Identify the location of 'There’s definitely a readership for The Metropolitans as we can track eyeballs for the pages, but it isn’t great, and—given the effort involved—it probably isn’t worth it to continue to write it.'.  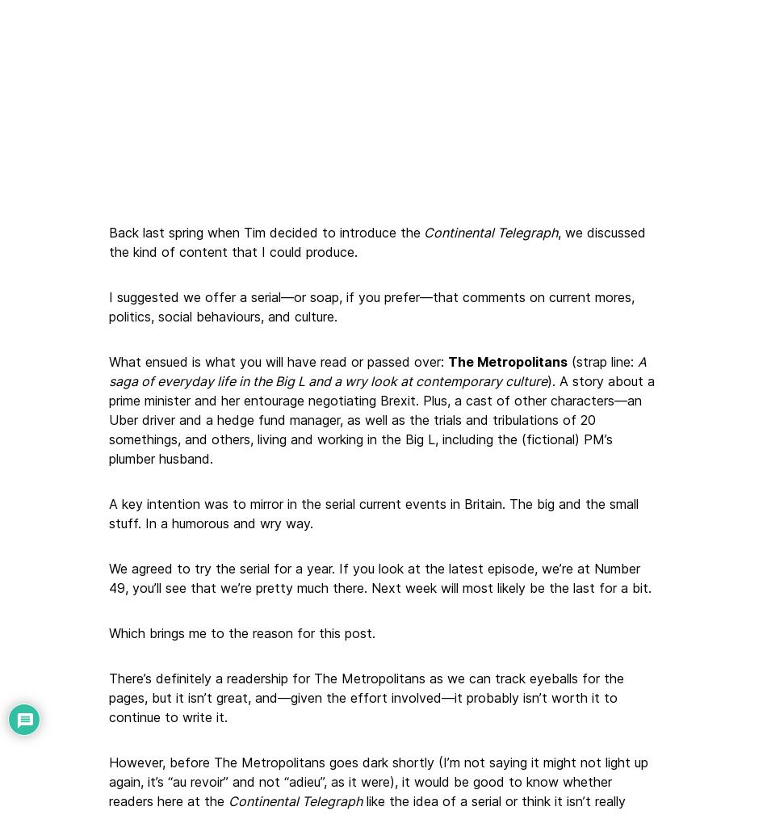
(366, 696).